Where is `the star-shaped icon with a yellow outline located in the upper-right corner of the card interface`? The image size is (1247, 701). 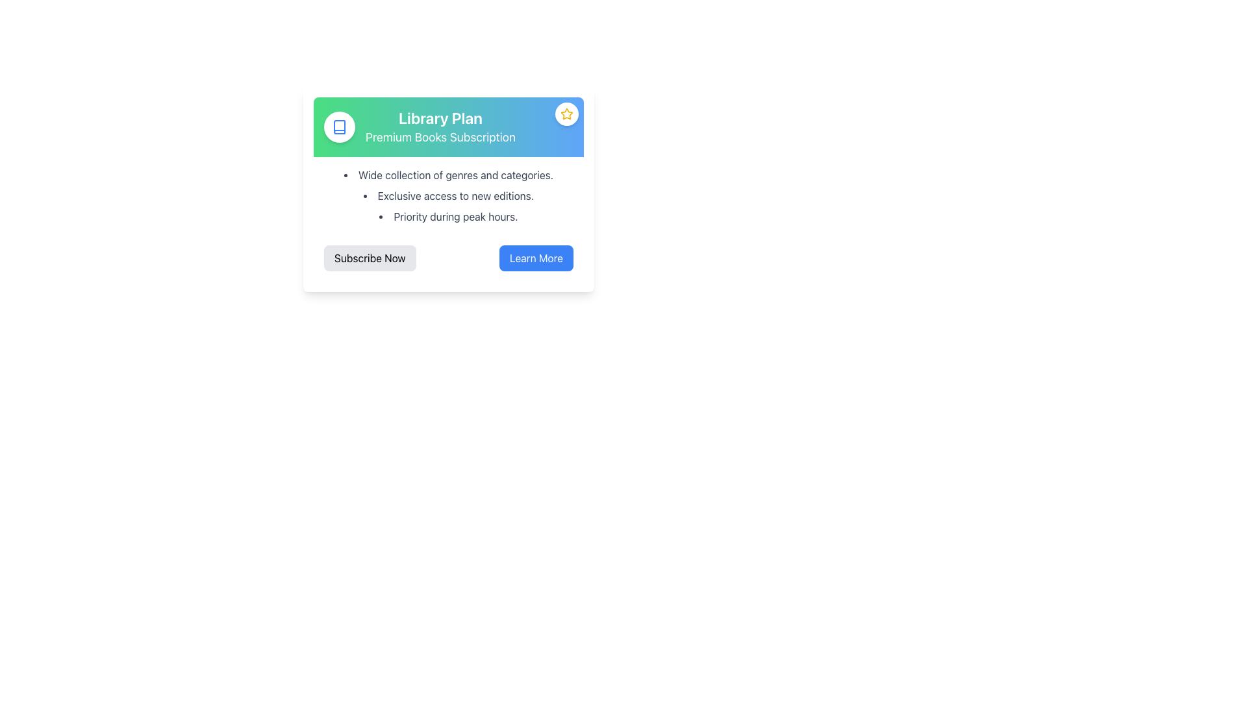
the star-shaped icon with a yellow outline located in the upper-right corner of the card interface is located at coordinates (567, 113).